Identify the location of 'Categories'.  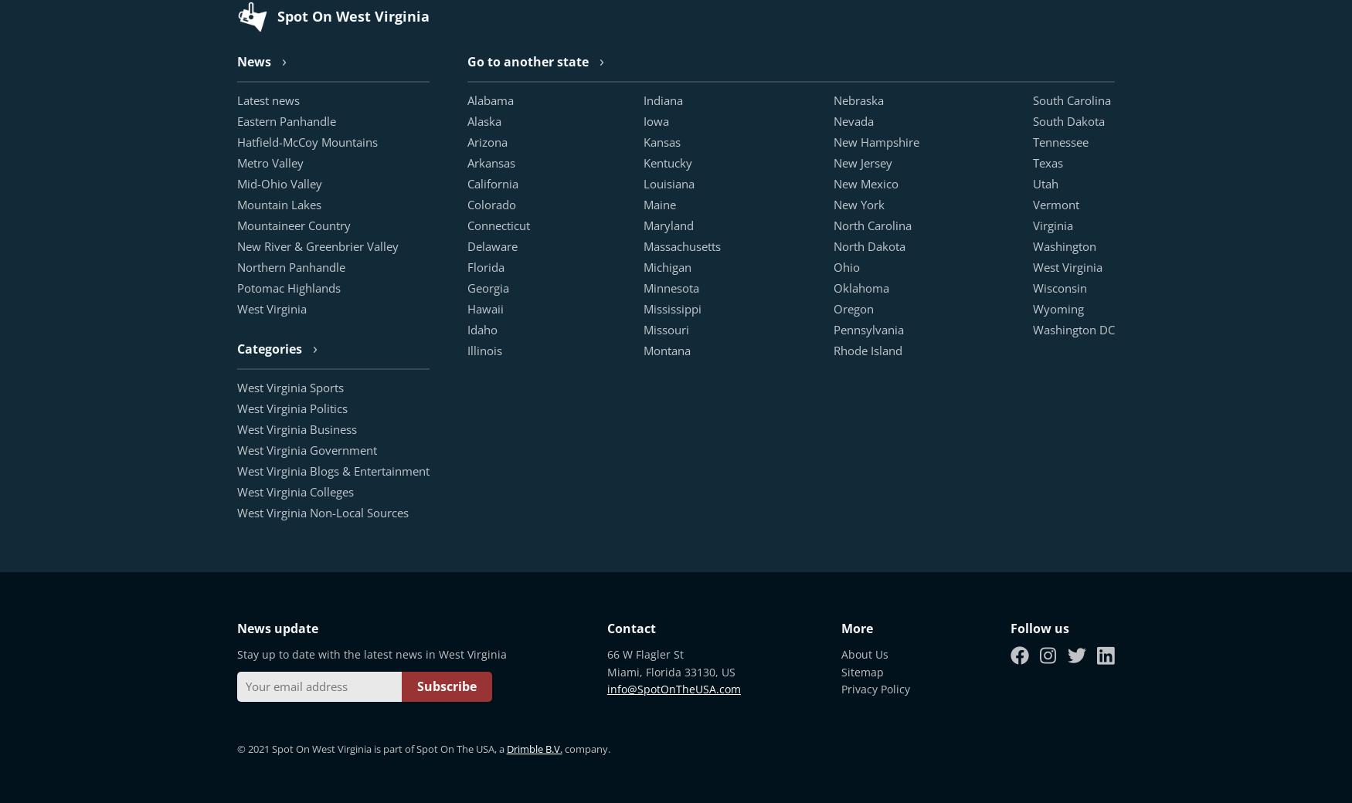
(236, 348).